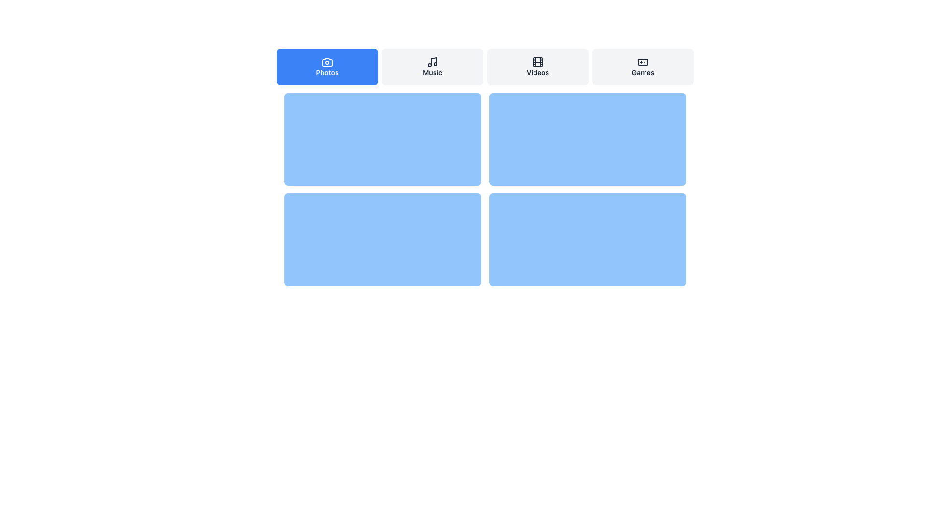 Image resolution: width=927 pixels, height=521 pixels. I want to click on the rectangular graphical component with rounded corners and a dark outline, located within the filmstrip icon above the 'Videos' label in the second column of the top menu, so click(537, 62).